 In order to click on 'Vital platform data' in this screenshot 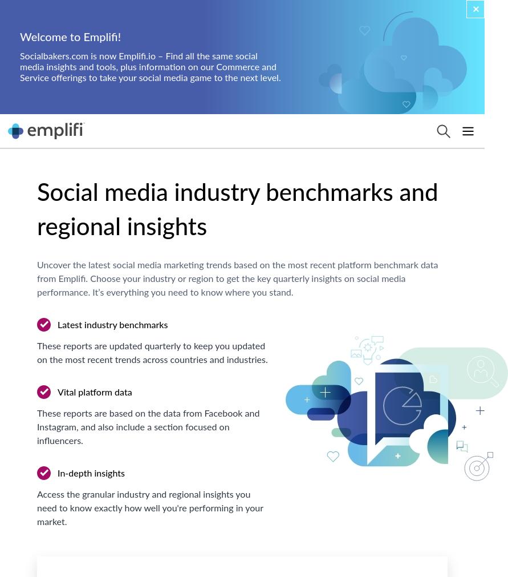, I will do `click(94, 392)`.